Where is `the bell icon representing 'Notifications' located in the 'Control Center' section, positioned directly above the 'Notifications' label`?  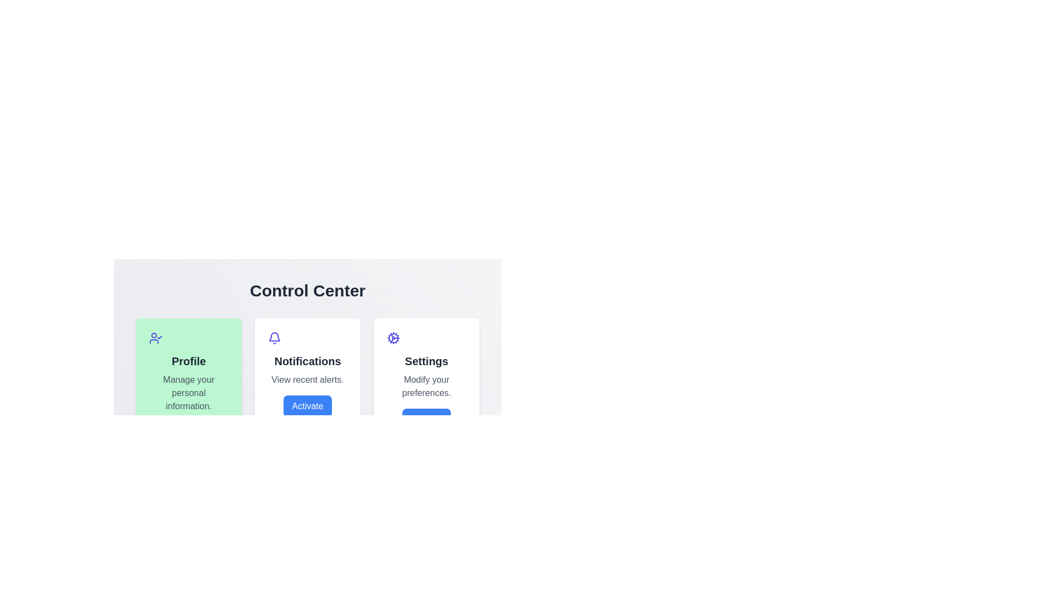 the bell icon representing 'Notifications' located in the 'Control Center' section, positioned directly above the 'Notifications' label is located at coordinates (275, 337).